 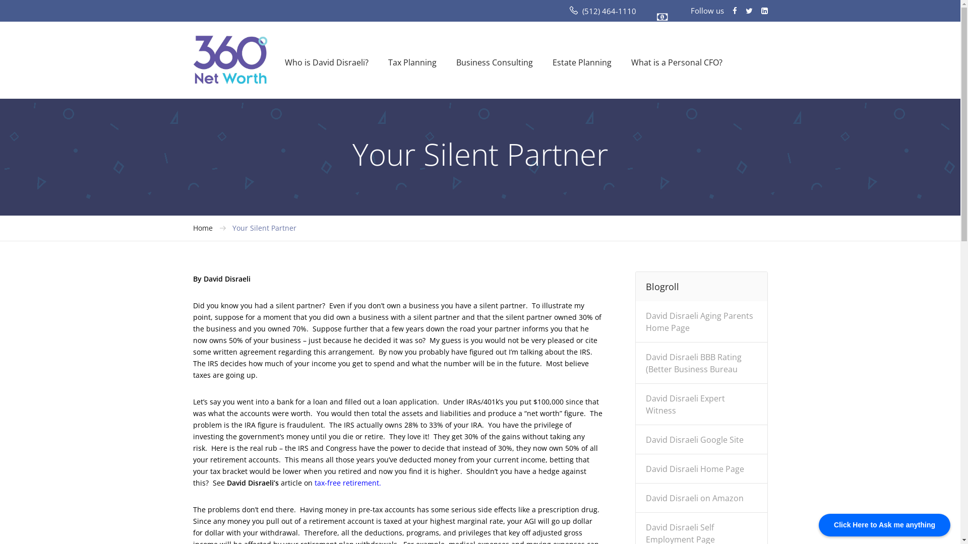 What do you see at coordinates (264, 228) in the screenshot?
I see `'Your Silent Partner'` at bounding box center [264, 228].